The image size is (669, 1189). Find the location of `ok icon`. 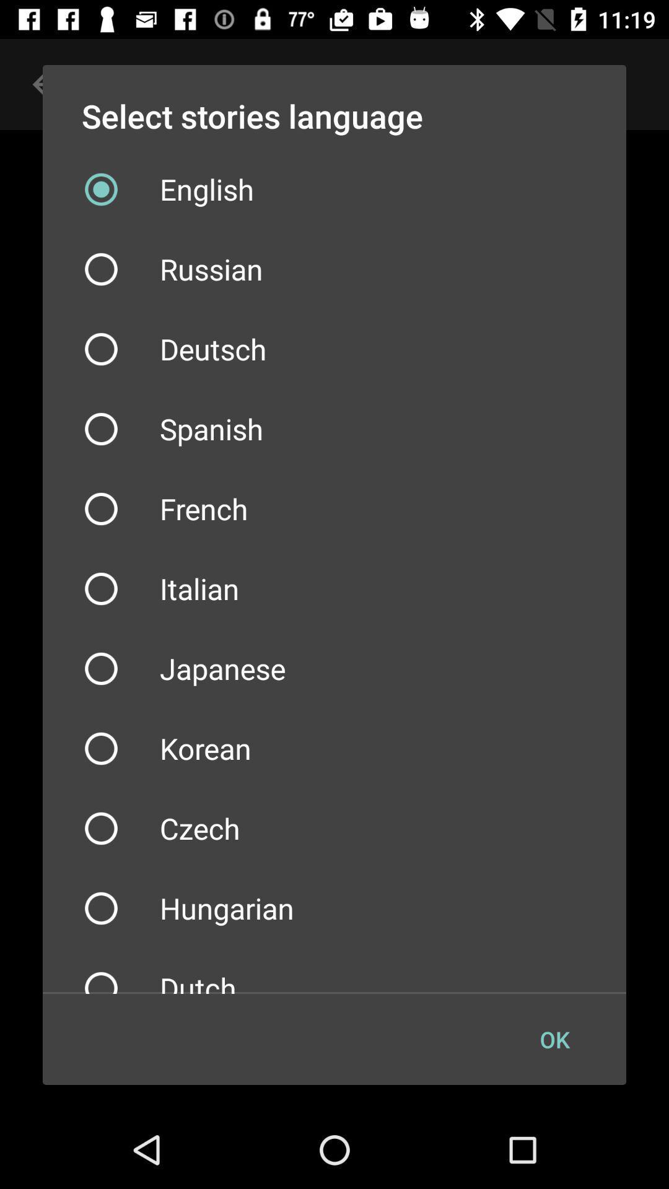

ok icon is located at coordinates (554, 1039).